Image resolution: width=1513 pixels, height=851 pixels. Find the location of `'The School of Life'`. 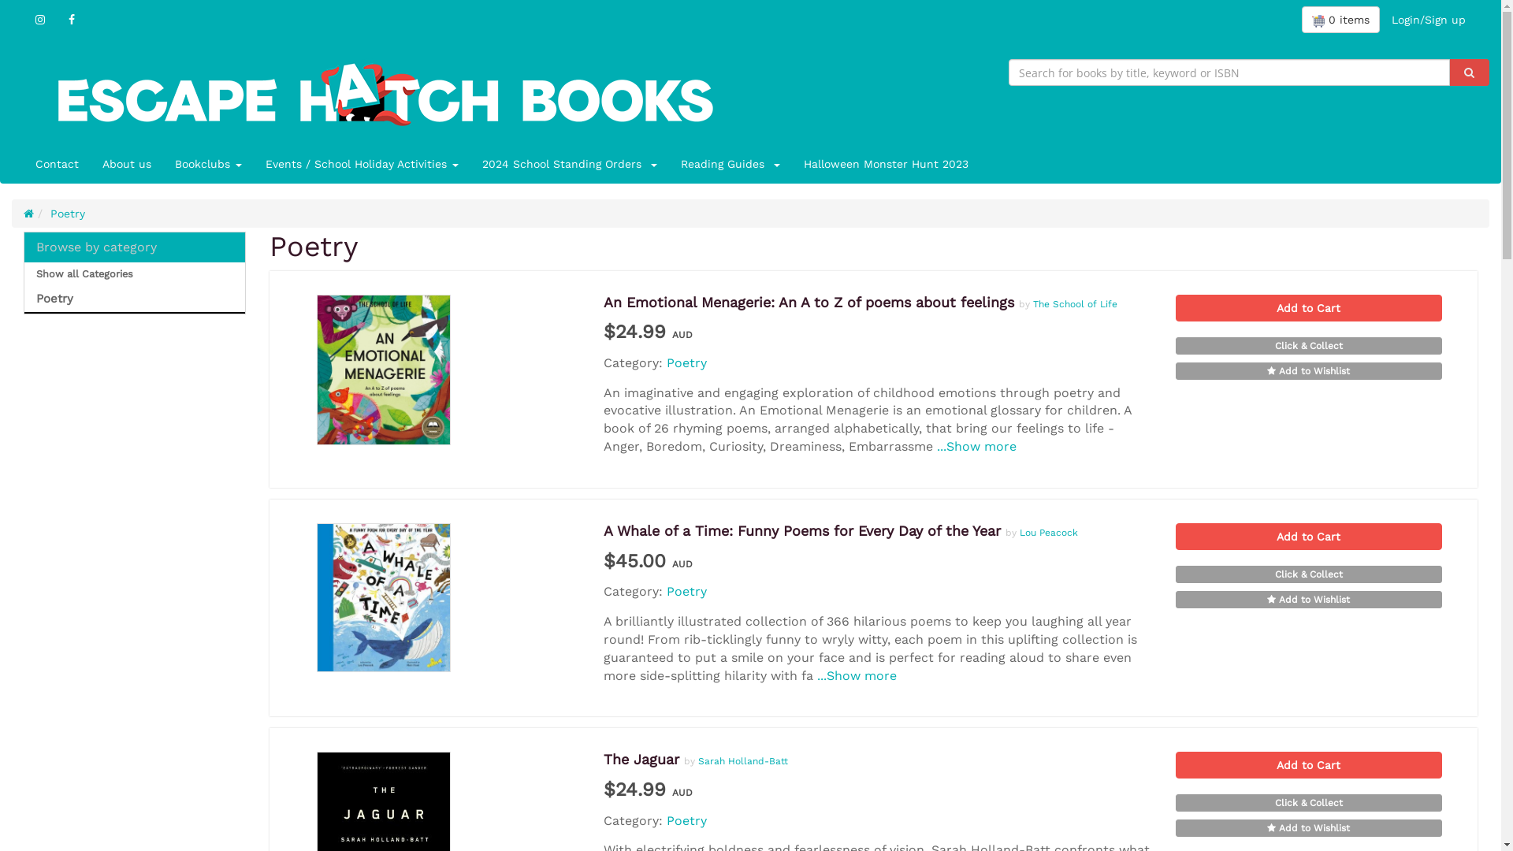

'The School of Life' is located at coordinates (1032, 303).